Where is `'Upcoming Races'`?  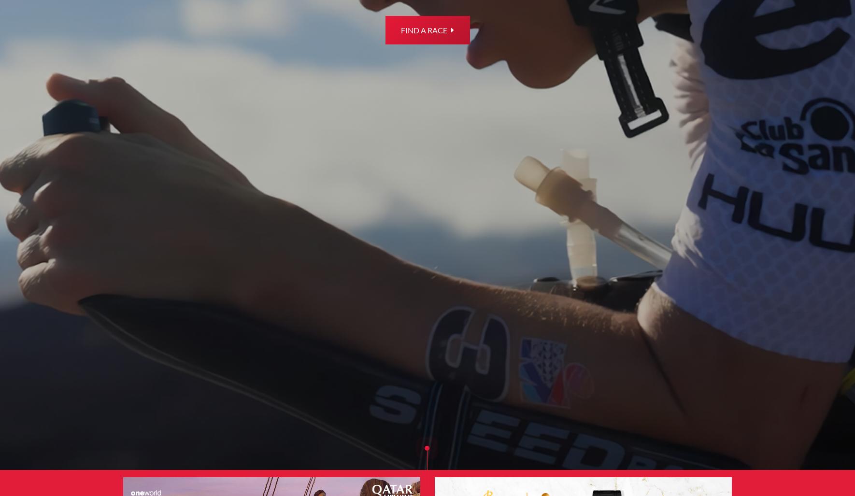
'Upcoming Races' is located at coordinates (483, 209).